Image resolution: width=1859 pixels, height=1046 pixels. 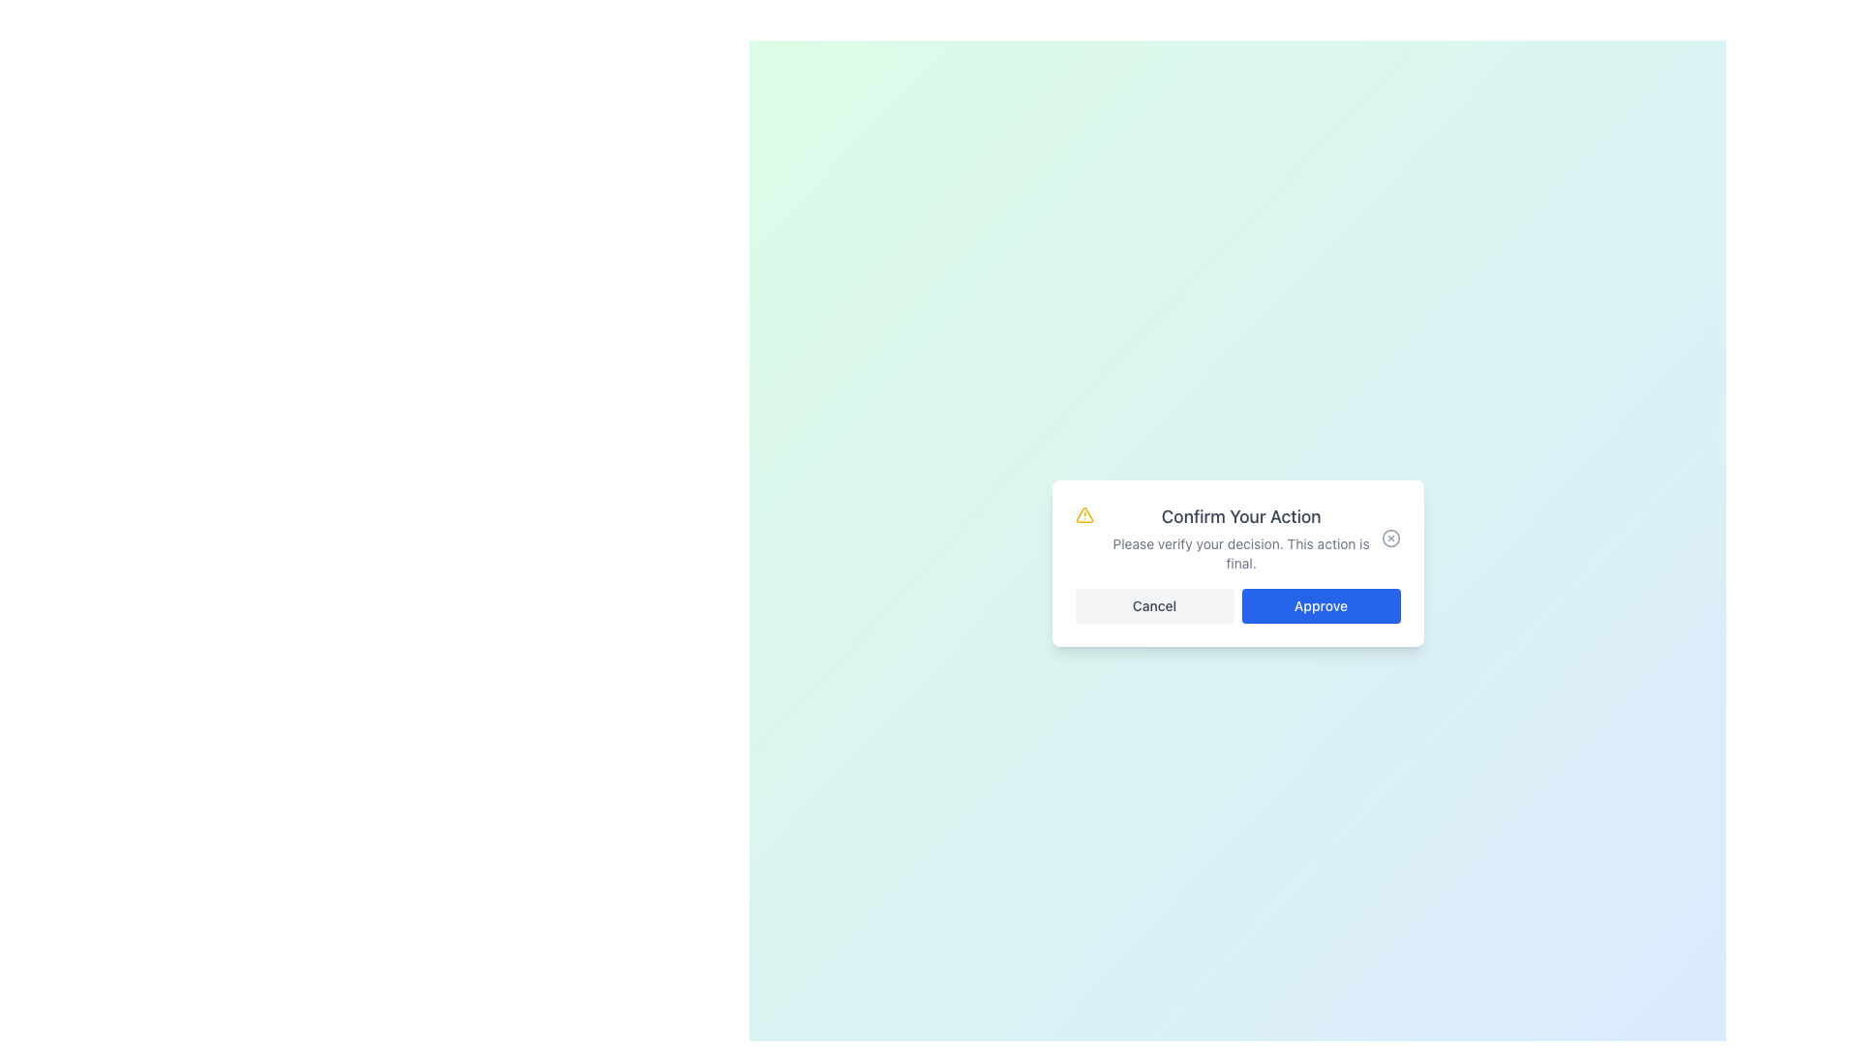 I want to click on the caution icon located at the top-left corner of the confirmation dialog header to indicate its importance or caution, so click(x=1084, y=514).